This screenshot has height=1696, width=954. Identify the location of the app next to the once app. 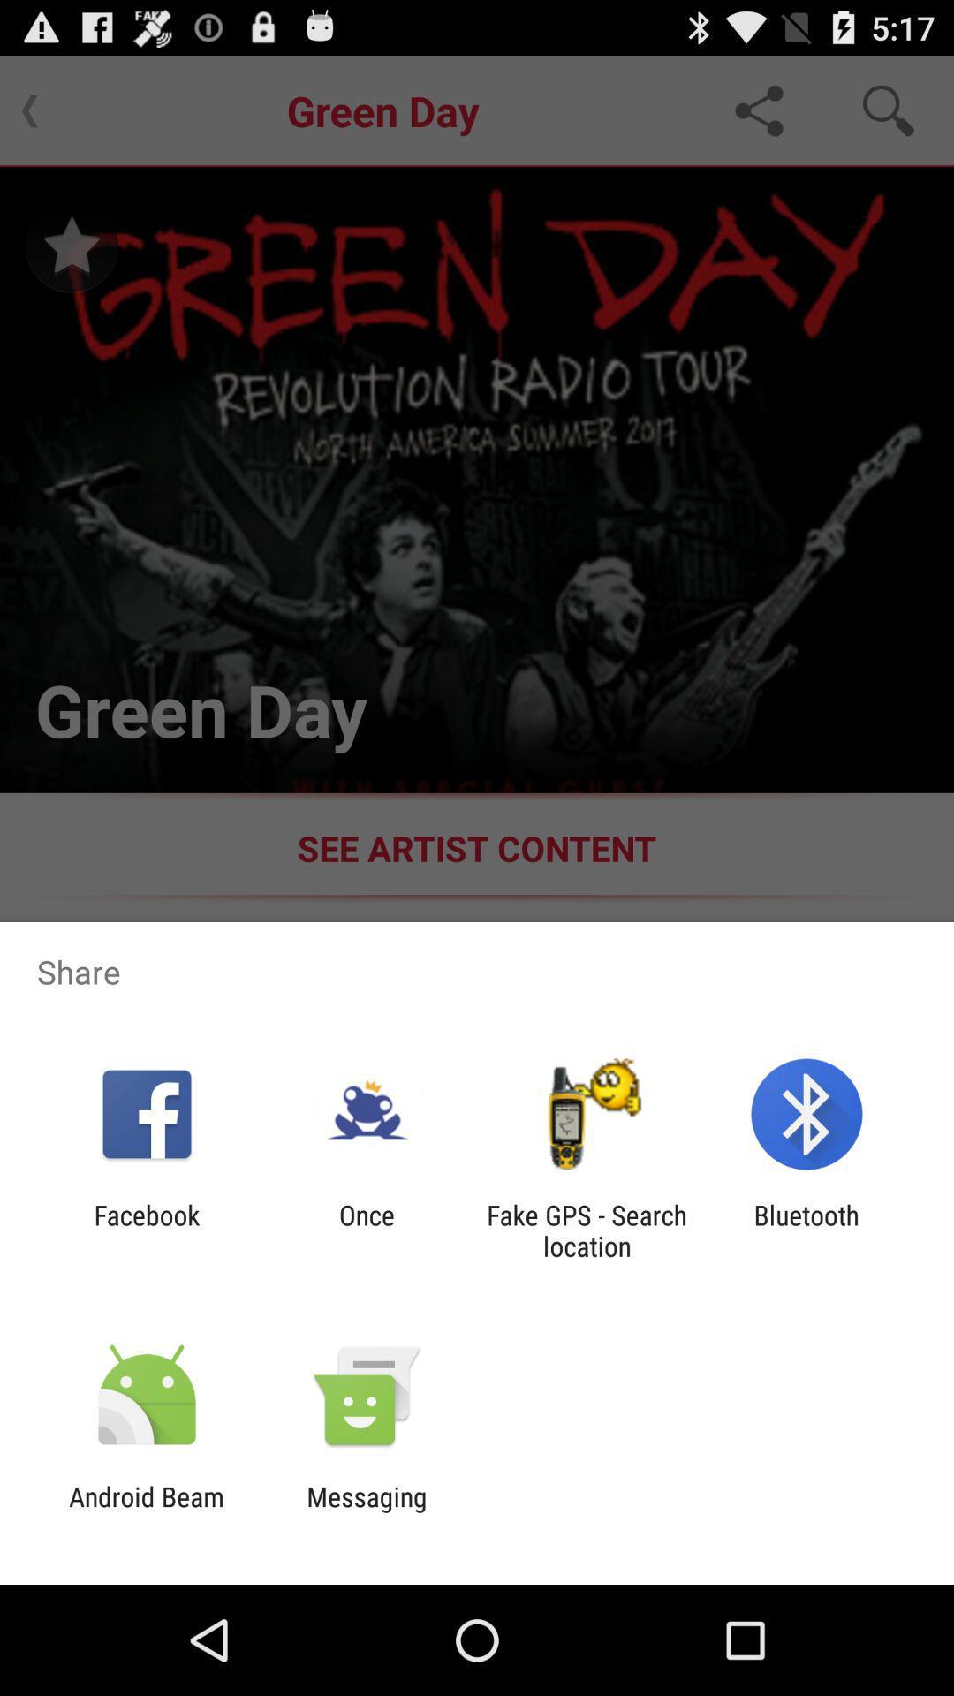
(587, 1230).